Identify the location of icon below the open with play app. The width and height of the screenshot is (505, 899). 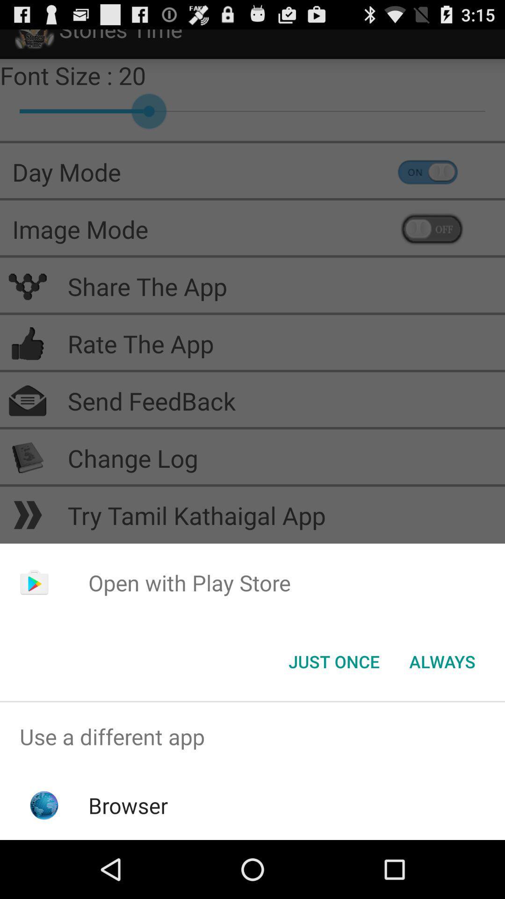
(333, 661).